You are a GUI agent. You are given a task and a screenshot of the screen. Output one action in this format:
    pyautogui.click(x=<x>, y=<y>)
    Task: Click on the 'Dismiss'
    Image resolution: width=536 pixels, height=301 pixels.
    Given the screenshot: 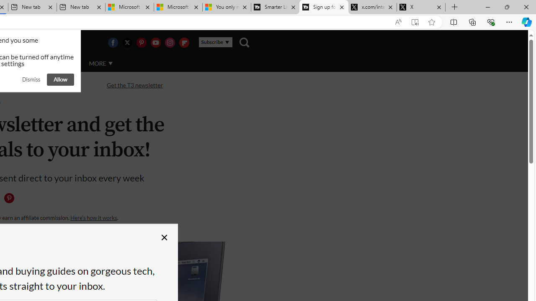 What is the action you would take?
    pyautogui.click(x=31, y=79)
    